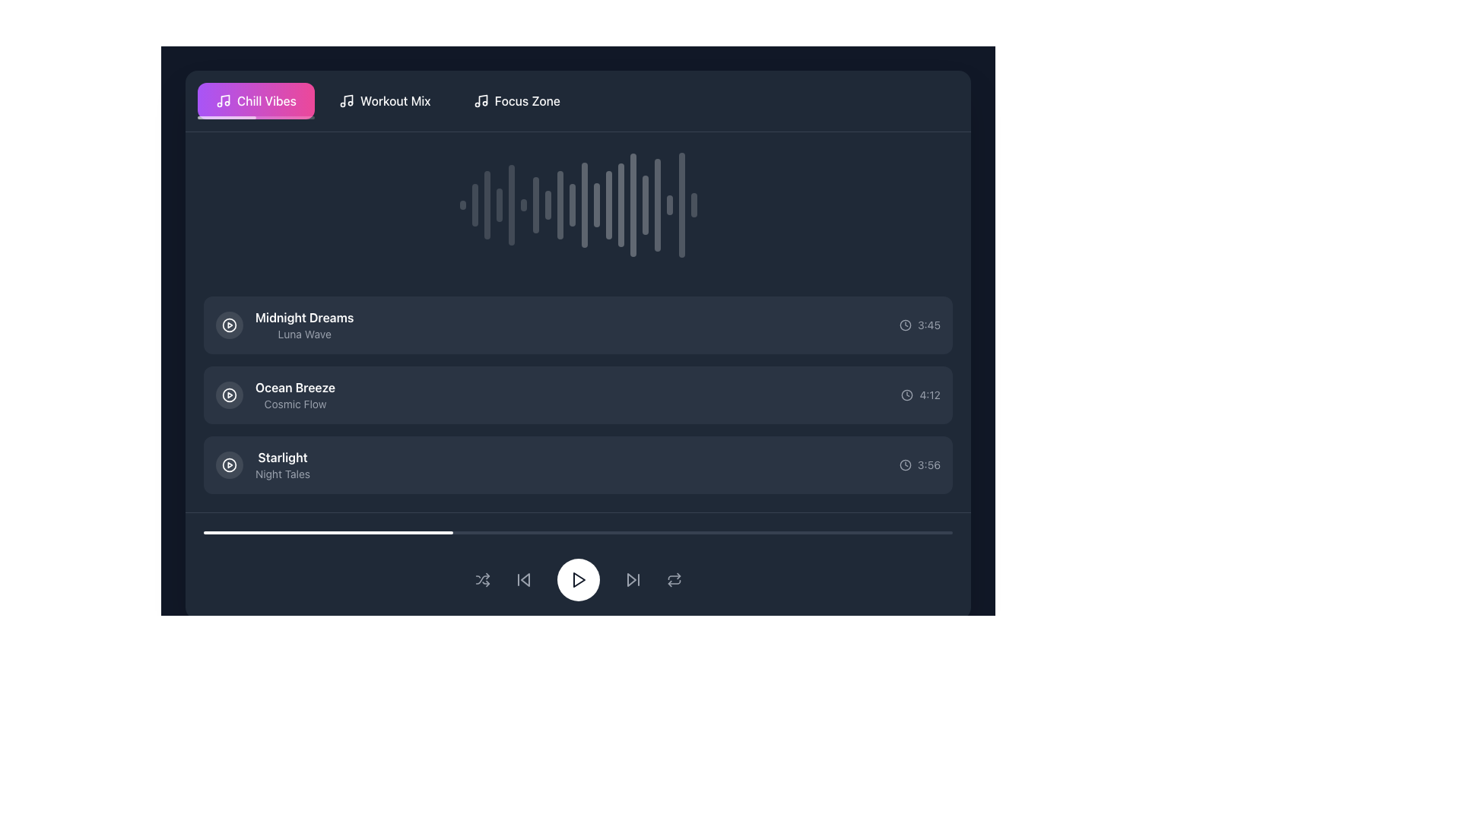  I want to click on the static informational label displaying the time '4:12' with a clock icon, located to the far right of the 'Ocean Breeze' song entry in a vertically stacked list of songs, so click(920, 395).